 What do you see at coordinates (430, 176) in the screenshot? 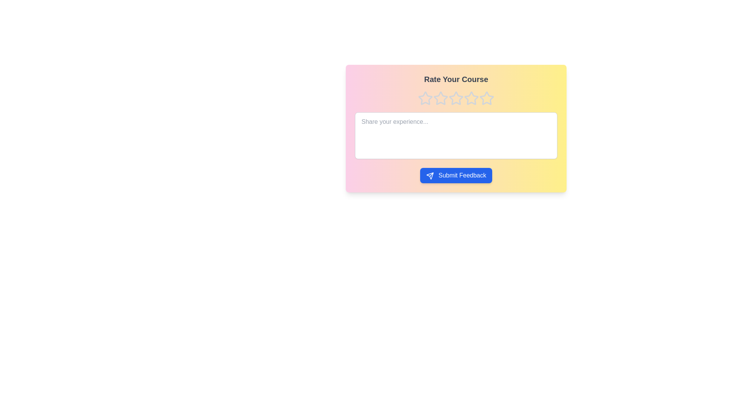
I see `the 'Submit Feedback' button that contains the paper plane icon, which symbolizes a 'send' action` at bounding box center [430, 176].